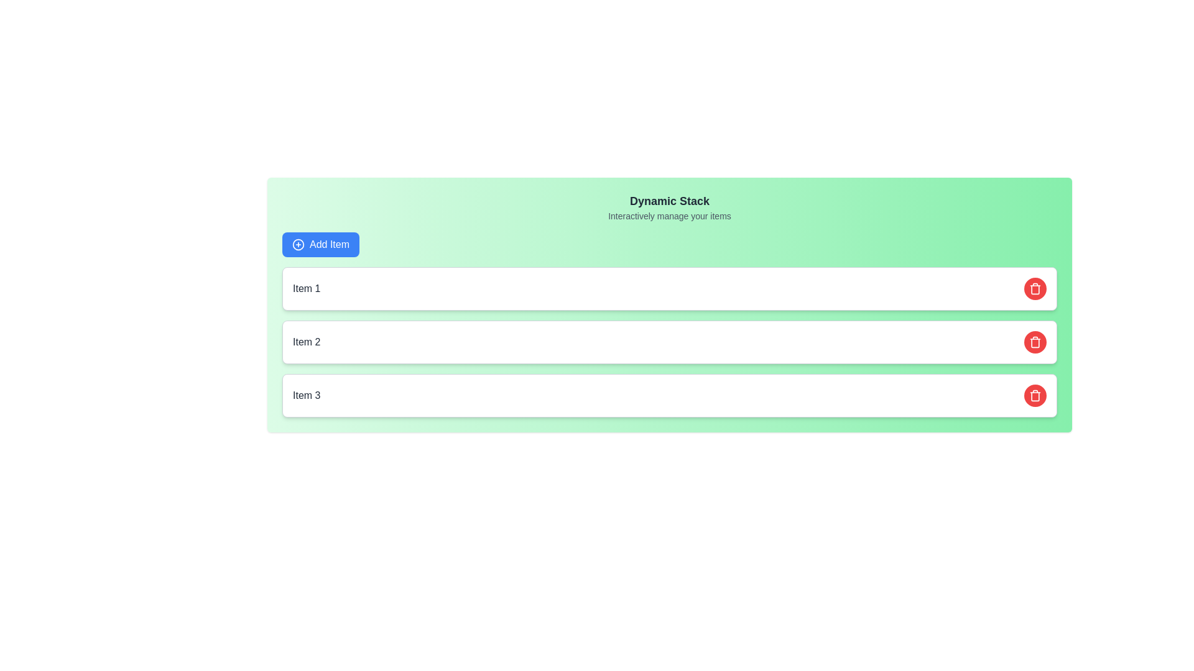 The width and height of the screenshot is (1194, 671). What do you see at coordinates (1035, 395) in the screenshot?
I see `the trash can icon button with a red background located at the far-right side of the third row adjacent to 'Item 3'` at bounding box center [1035, 395].